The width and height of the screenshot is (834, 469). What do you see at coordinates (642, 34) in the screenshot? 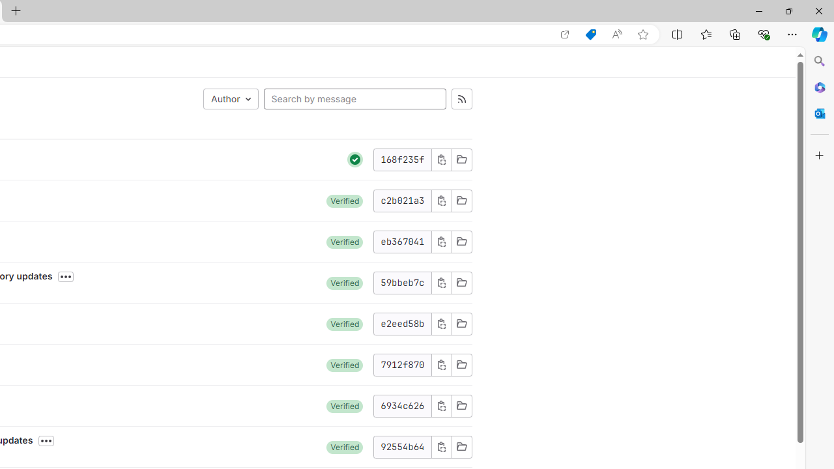
I see `'Add this page to favorites (Ctrl+D)'` at bounding box center [642, 34].